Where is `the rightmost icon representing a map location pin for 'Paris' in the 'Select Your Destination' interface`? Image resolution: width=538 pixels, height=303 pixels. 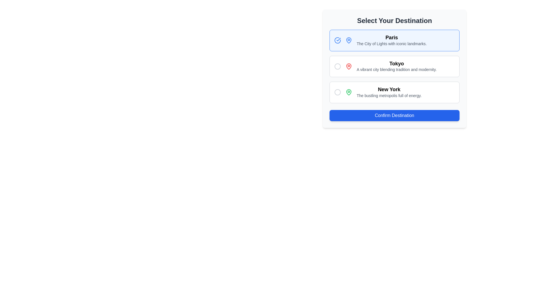
the rightmost icon representing a map location pin for 'Paris' in the 'Select Your Destination' interface is located at coordinates (348, 40).